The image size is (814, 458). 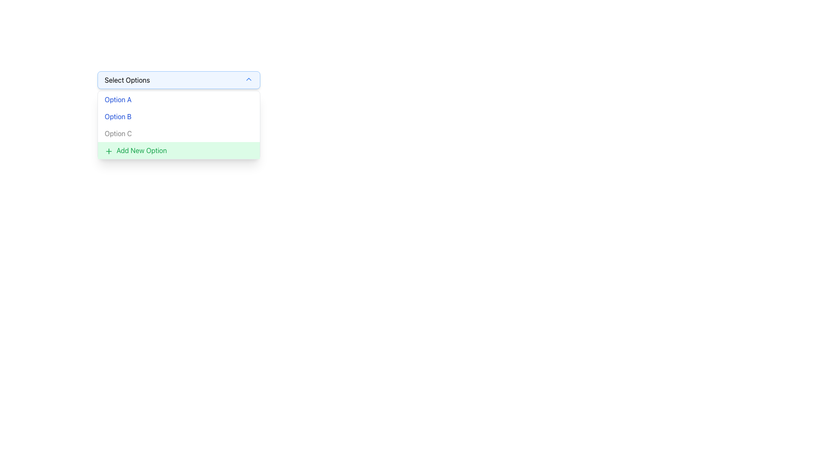 I want to click on the first option in the dropdown menu labeled 'Select Options', so click(x=178, y=99).